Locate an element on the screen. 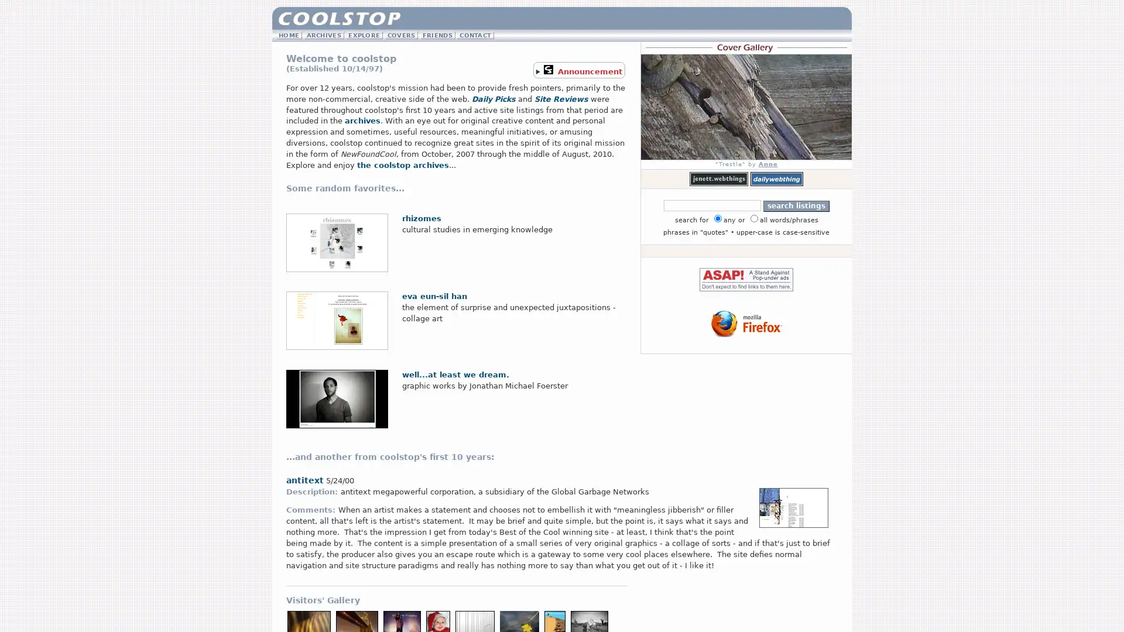  search listings is located at coordinates (796, 205).